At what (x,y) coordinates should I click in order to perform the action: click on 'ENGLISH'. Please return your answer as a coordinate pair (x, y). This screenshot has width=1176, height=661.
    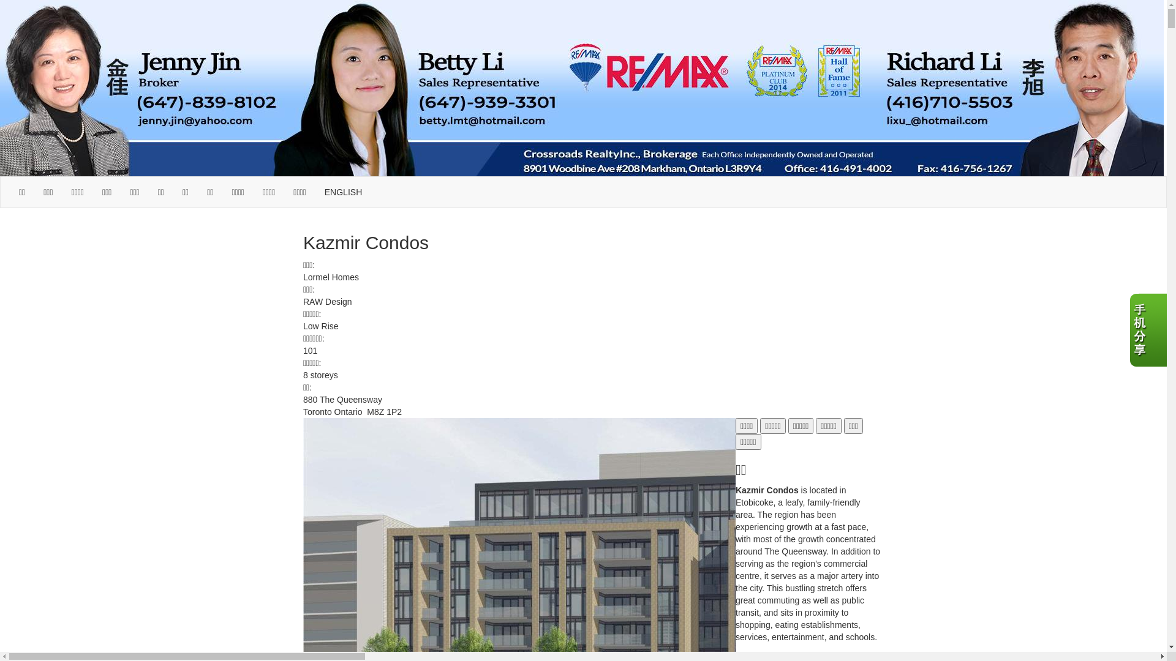
    Looking at the image, I should click on (343, 192).